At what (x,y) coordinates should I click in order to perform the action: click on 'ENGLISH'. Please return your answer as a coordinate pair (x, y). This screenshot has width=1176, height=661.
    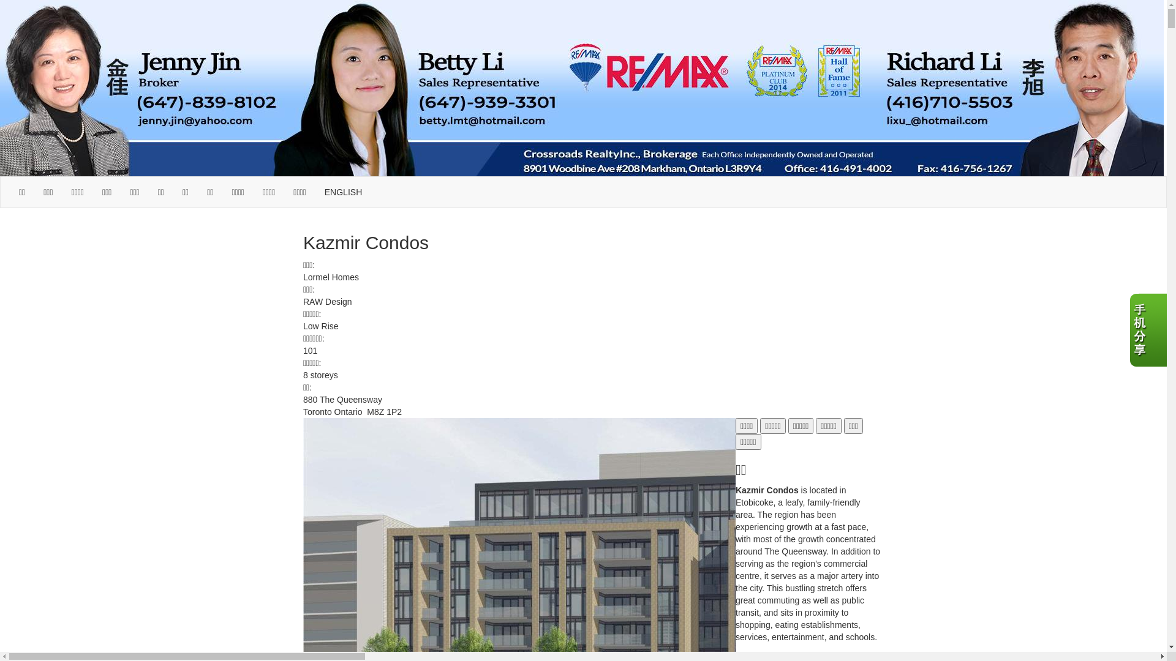
    Looking at the image, I should click on (343, 192).